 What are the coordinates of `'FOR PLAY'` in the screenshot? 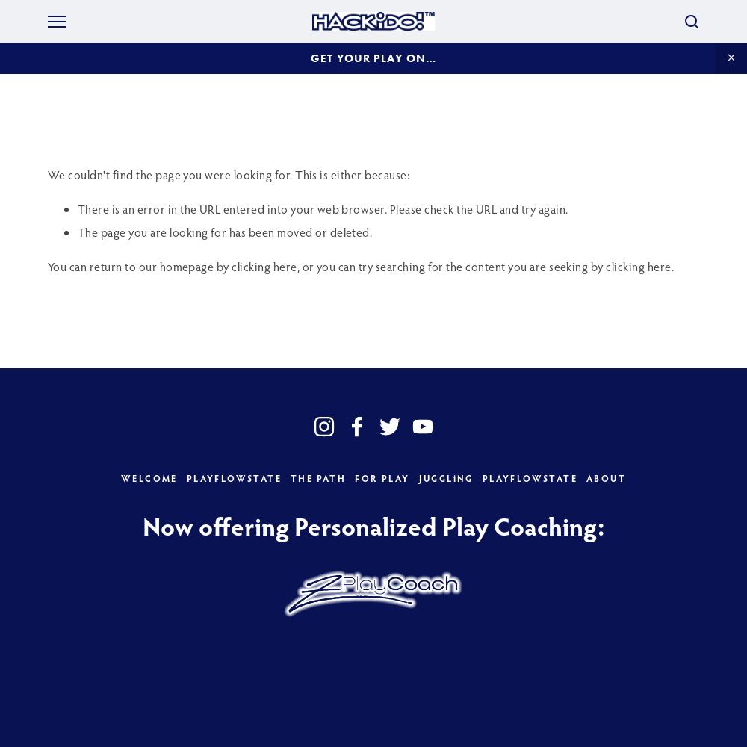 It's located at (354, 477).